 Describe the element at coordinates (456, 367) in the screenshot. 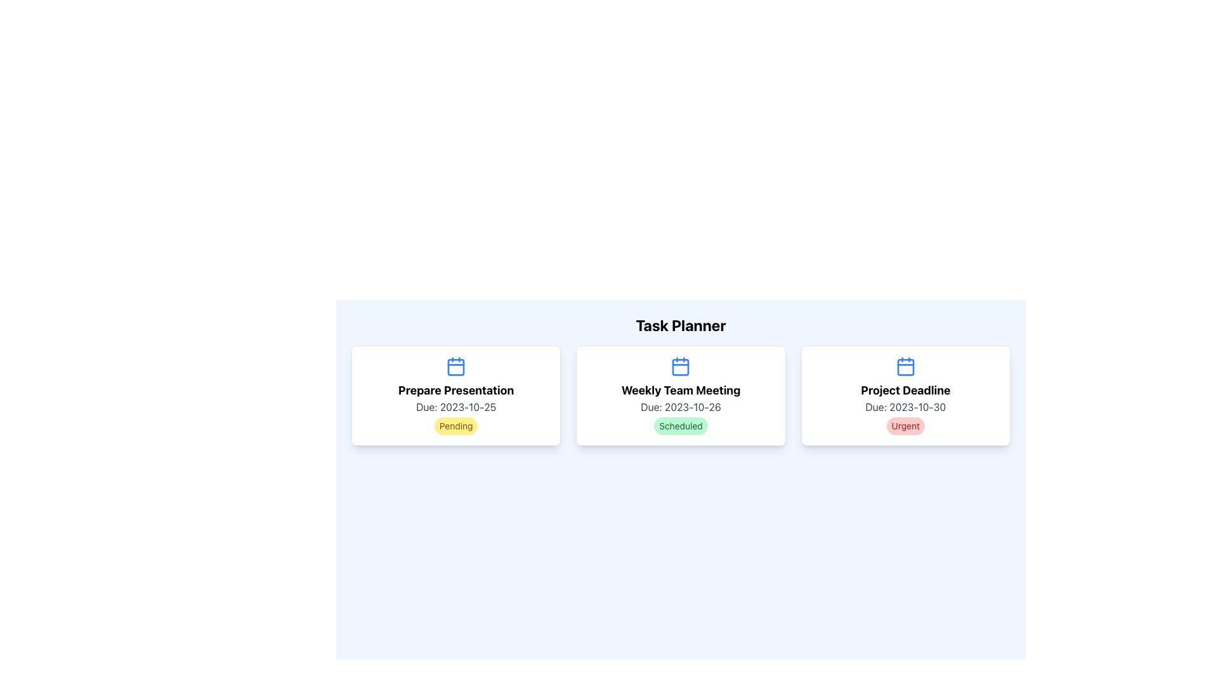

I see `the calendar icon located at the top center of the 'Prepare Presentation' task card in the Task Planner dashboard, which signifies the due date of the task` at that location.